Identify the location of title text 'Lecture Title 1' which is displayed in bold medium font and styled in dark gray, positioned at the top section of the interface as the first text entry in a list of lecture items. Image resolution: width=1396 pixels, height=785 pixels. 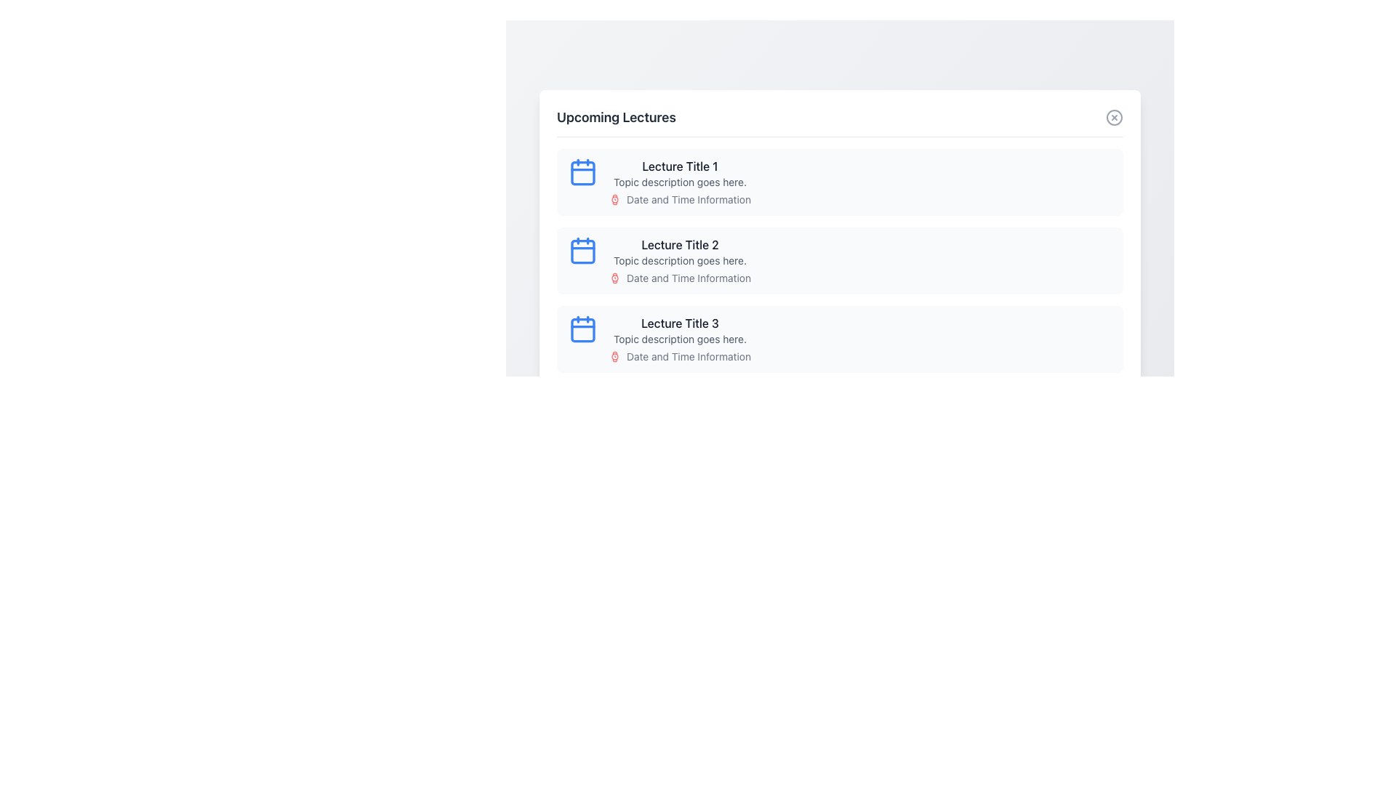
(679, 165).